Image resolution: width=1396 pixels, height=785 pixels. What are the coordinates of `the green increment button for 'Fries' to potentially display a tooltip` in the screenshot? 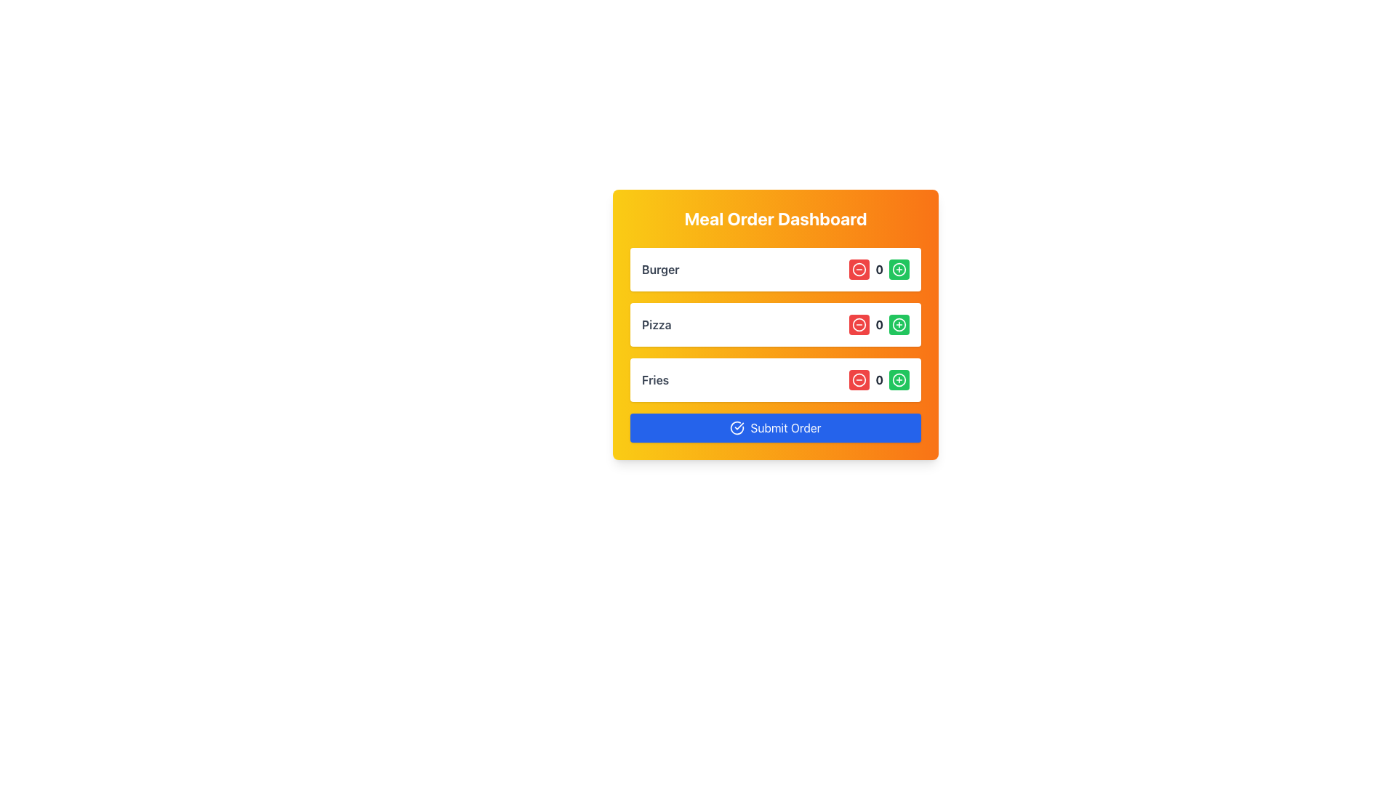 It's located at (899, 379).